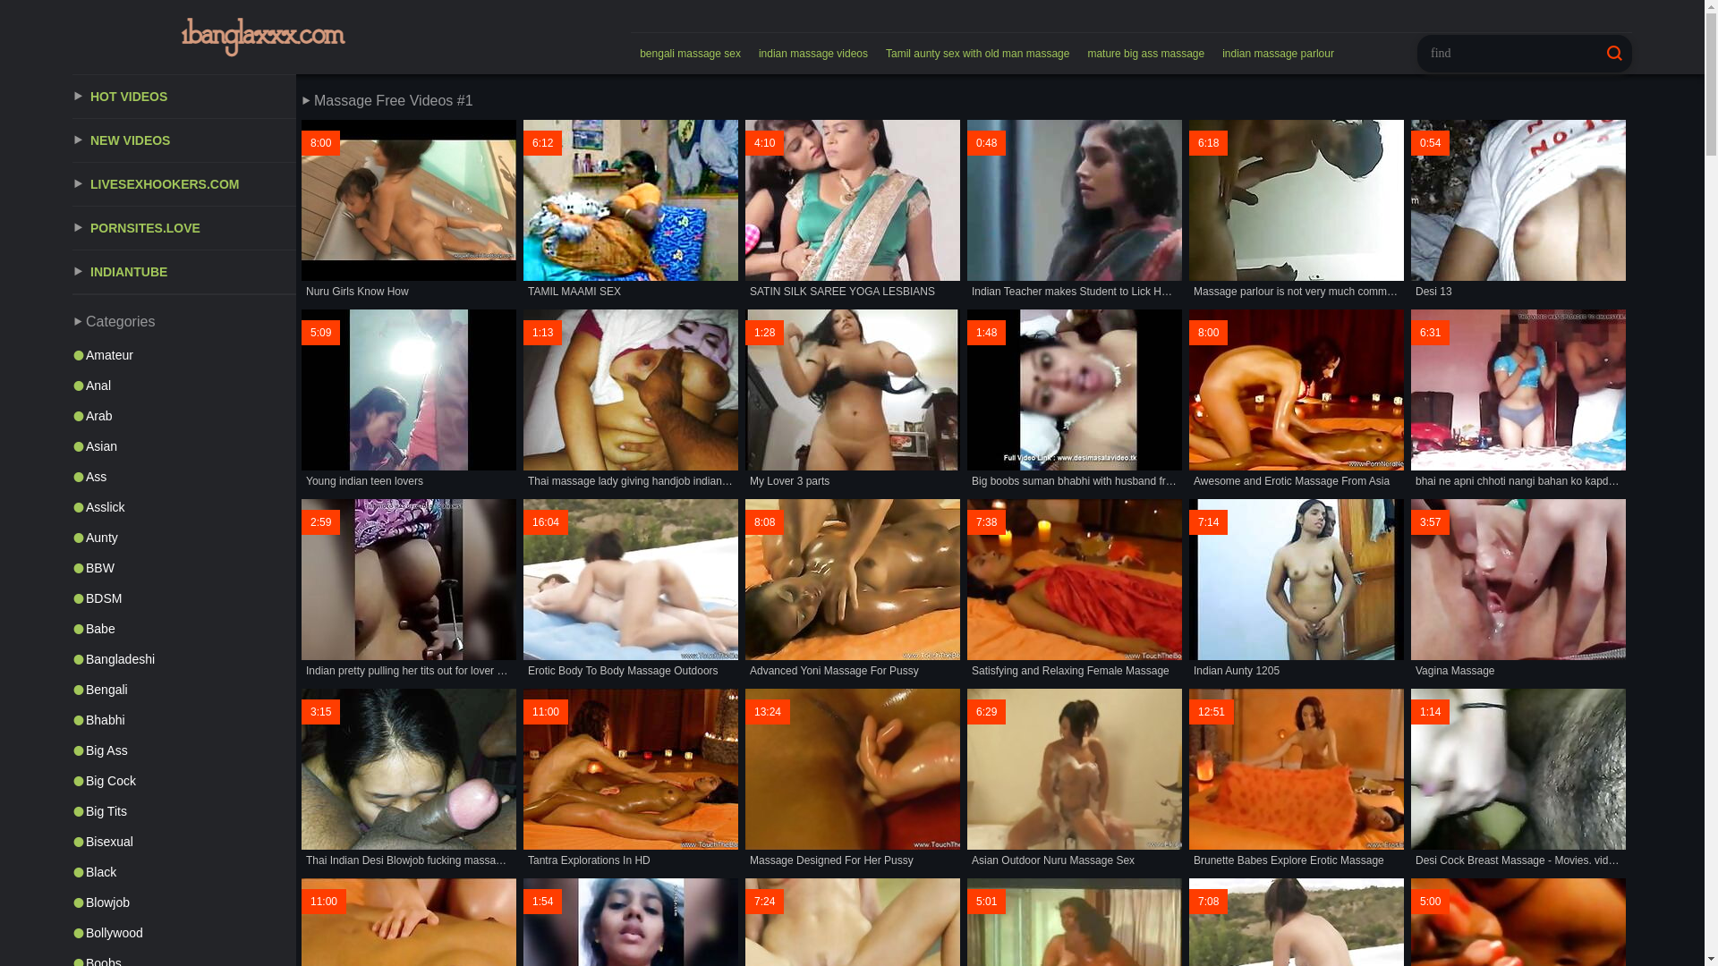  I want to click on '6:31, so click(1518, 399).